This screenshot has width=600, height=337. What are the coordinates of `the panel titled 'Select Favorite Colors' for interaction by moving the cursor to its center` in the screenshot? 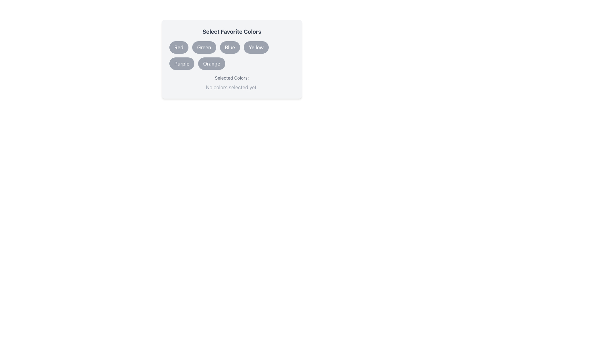 It's located at (232, 64).